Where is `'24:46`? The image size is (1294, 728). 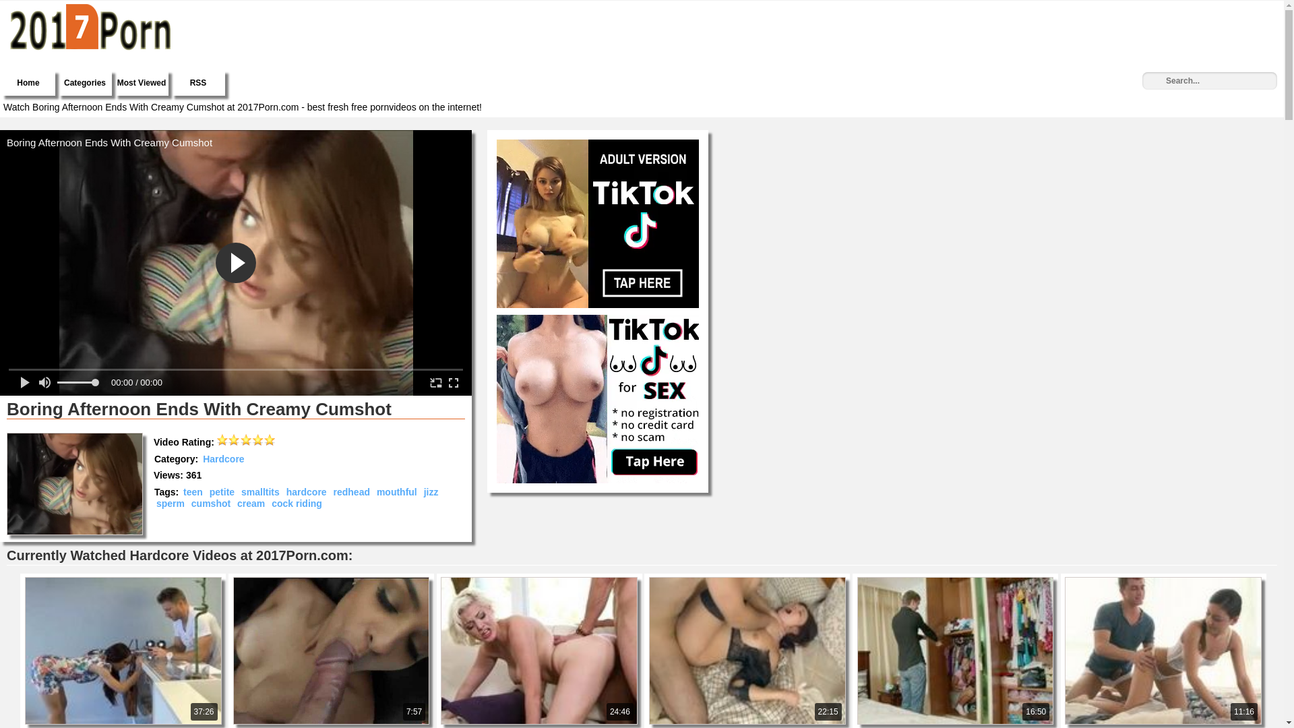
'24:46 is located at coordinates (541, 579).